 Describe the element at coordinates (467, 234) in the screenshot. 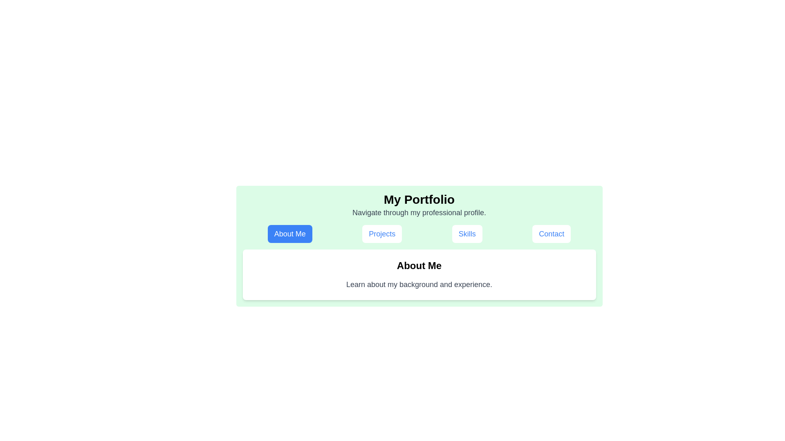

I see `the Skills tab to display its content` at that location.